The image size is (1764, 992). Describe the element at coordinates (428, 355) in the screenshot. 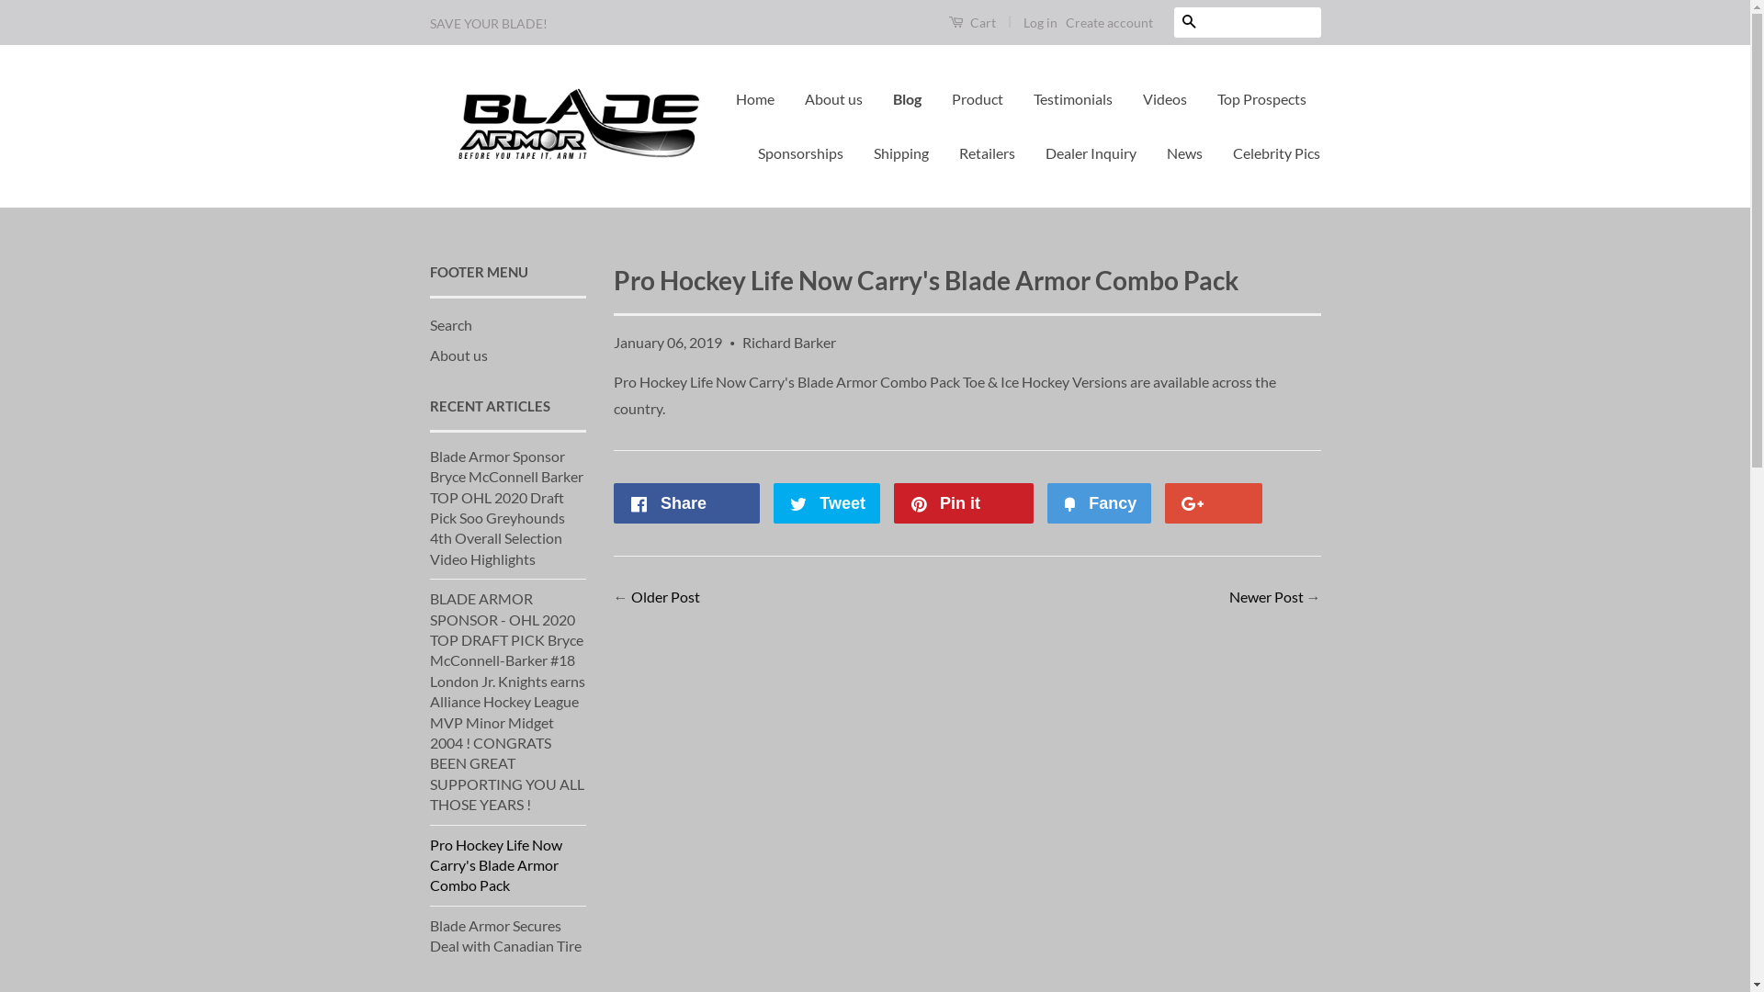

I see `'About us'` at that location.